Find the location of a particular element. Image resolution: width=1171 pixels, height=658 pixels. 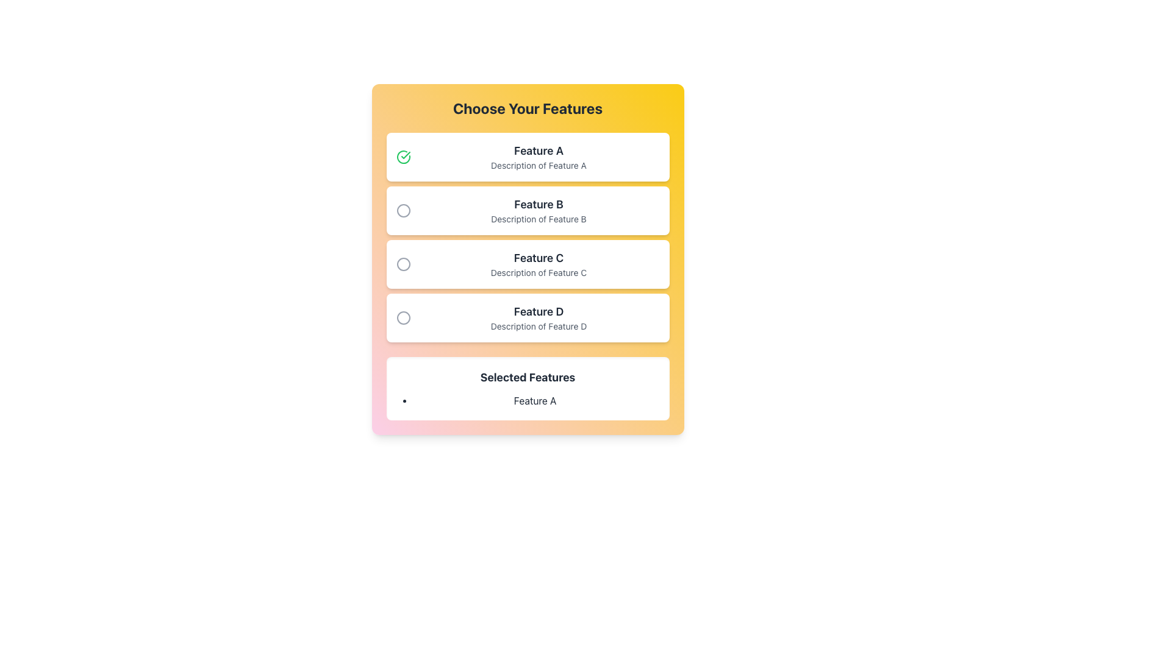

the third radio button indicator associated with 'Feature C' in the vertical list of options is located at coordinates (403, 264).